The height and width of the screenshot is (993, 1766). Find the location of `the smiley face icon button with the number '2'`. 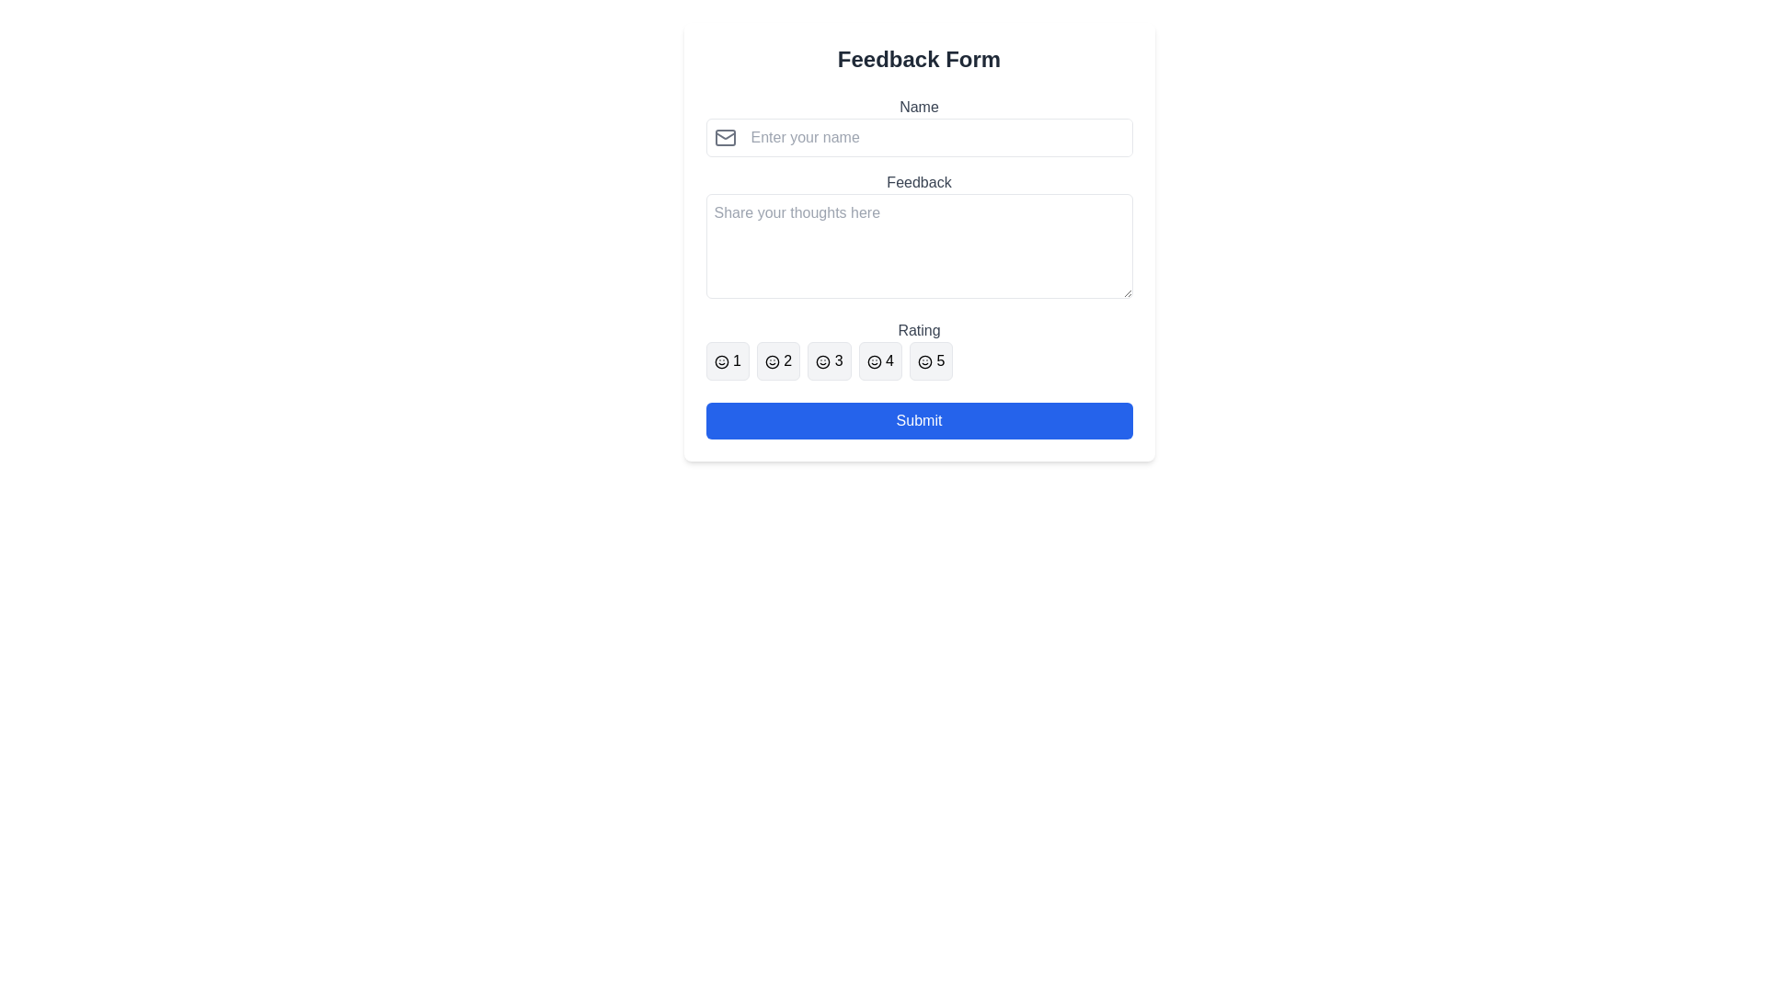

the smiley face icon button with the number '2' is located at coordinates (772, 361).